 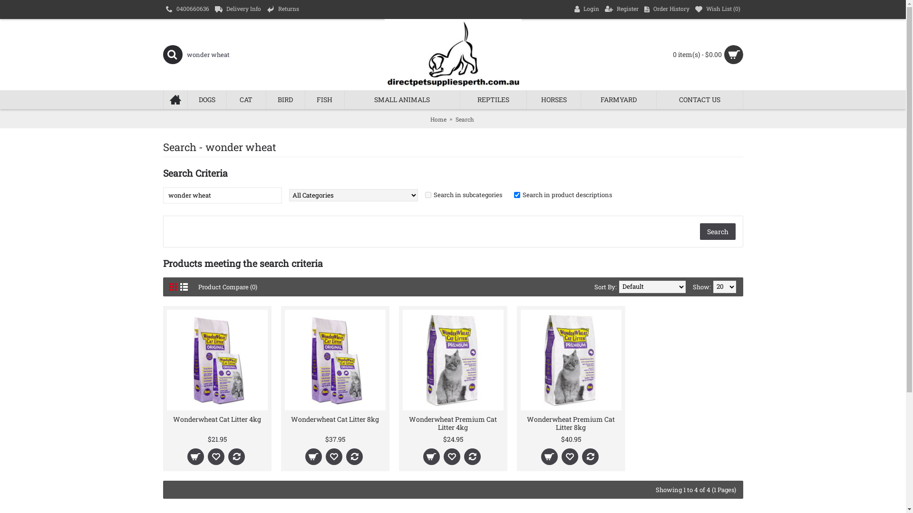 I want to click on 'Wonderwheat Cat Litter 4kg', so click(x=216, y=360).